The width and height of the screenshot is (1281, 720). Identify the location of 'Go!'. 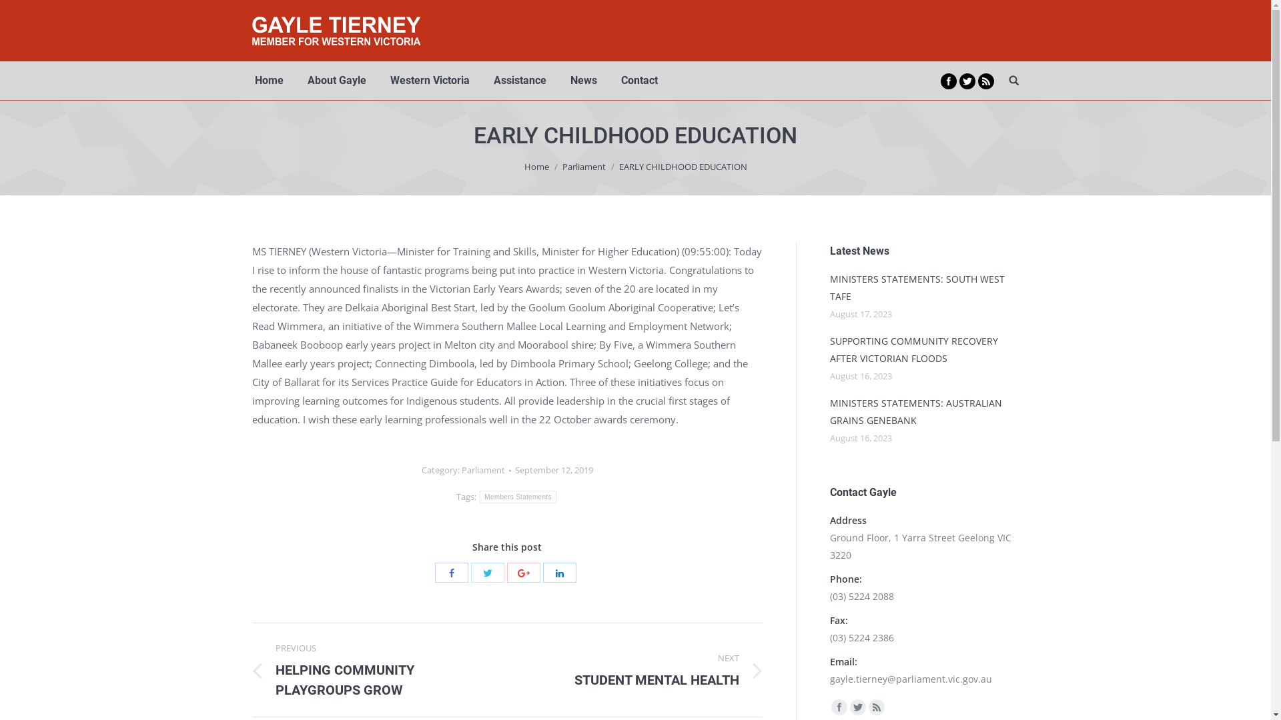
(16, 13).